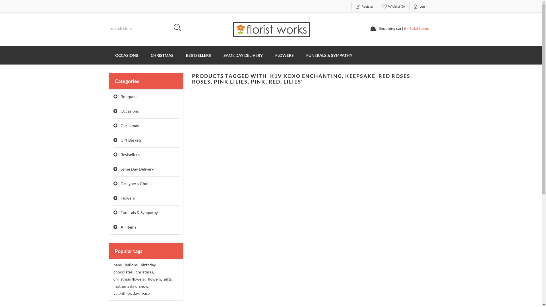 This screenshot has width=546, height=307. Describe the element at coordinates (146, 169) in the screenshot. I see `'Same Day Delivery'` at that location.